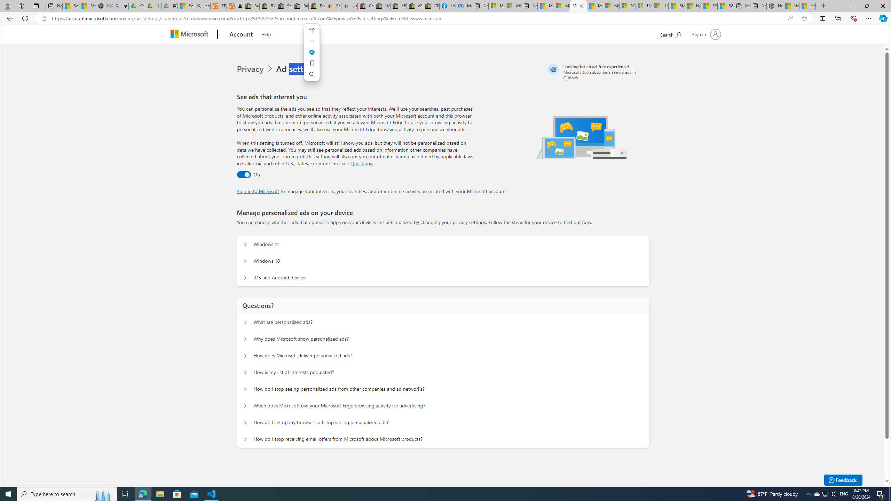 Image resolution: width=891 pixels, height=501 pixels. Describe the element at coordinates (245, 244) in the screenshot. I see `'Manage personalized ads on your device Windows 11'` at that location.